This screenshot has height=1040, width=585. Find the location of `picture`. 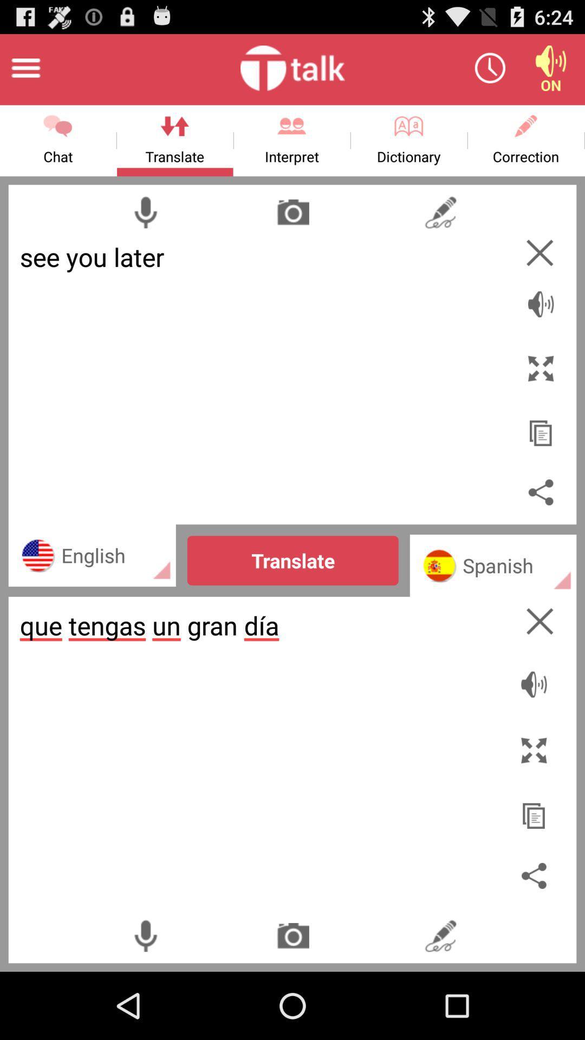

picture is located at coordinates (293, 212).